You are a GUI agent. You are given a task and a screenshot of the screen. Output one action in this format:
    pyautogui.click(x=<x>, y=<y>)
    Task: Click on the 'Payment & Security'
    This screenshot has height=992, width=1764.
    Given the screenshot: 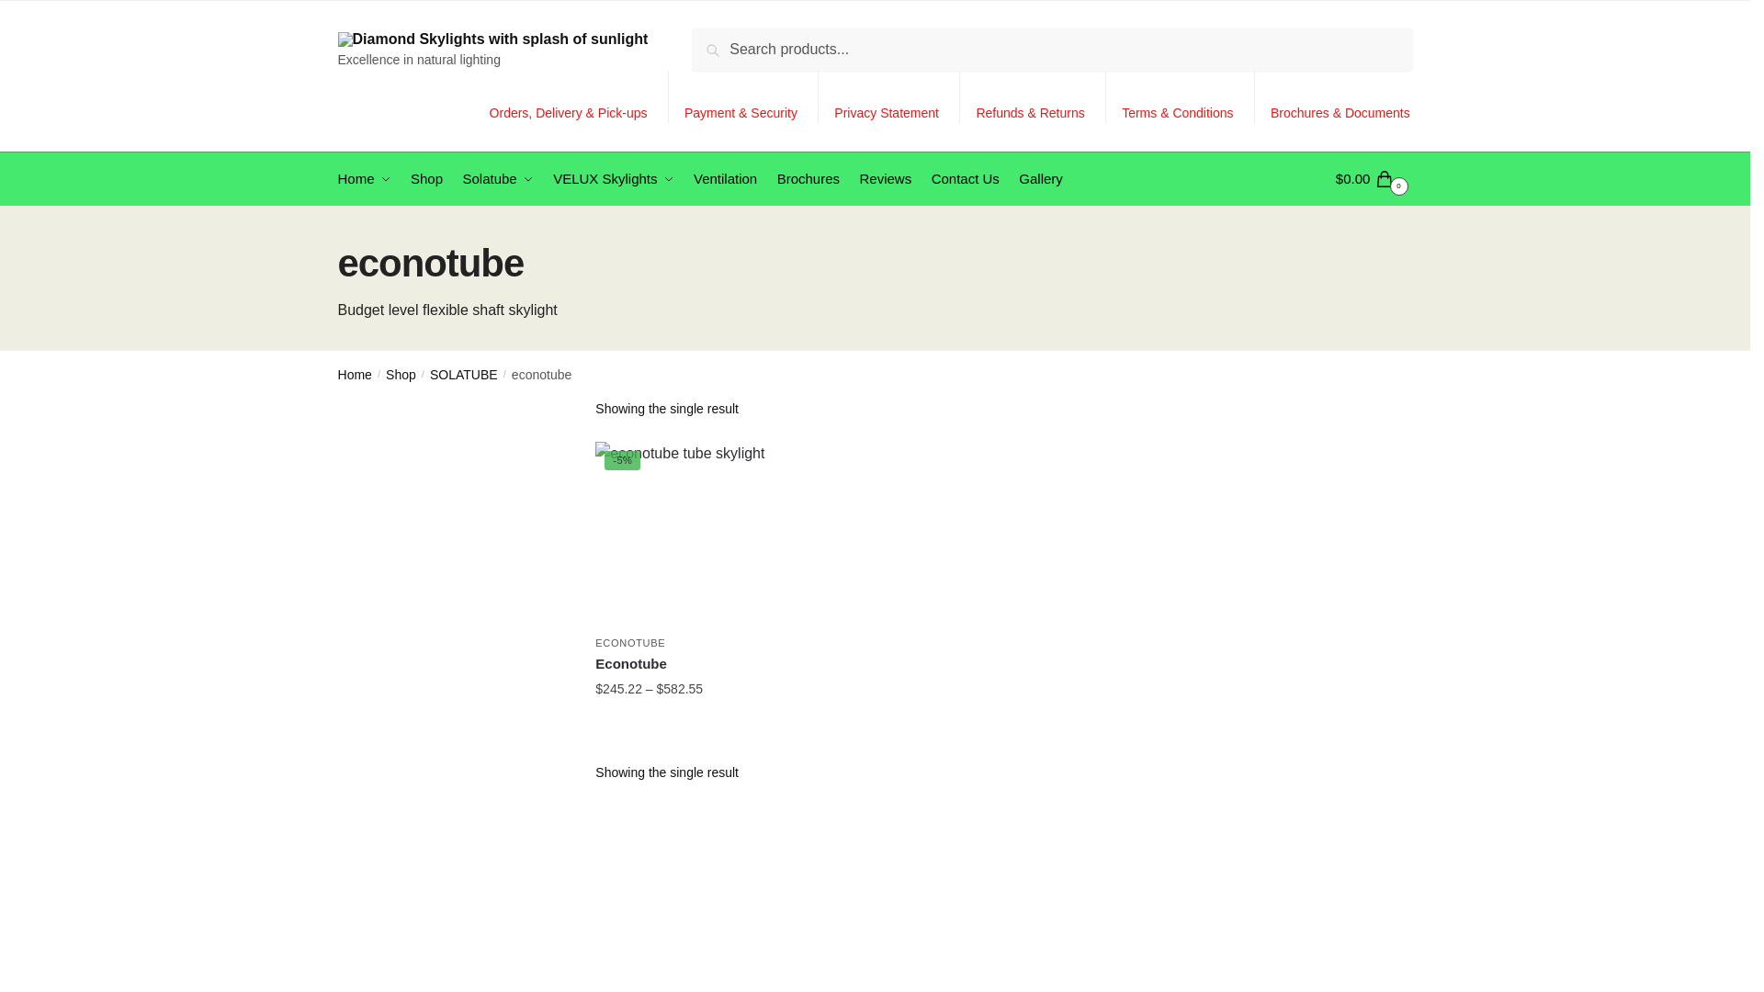 What is the action you would take?
    pyautogui.click(x=741, y=96)
    